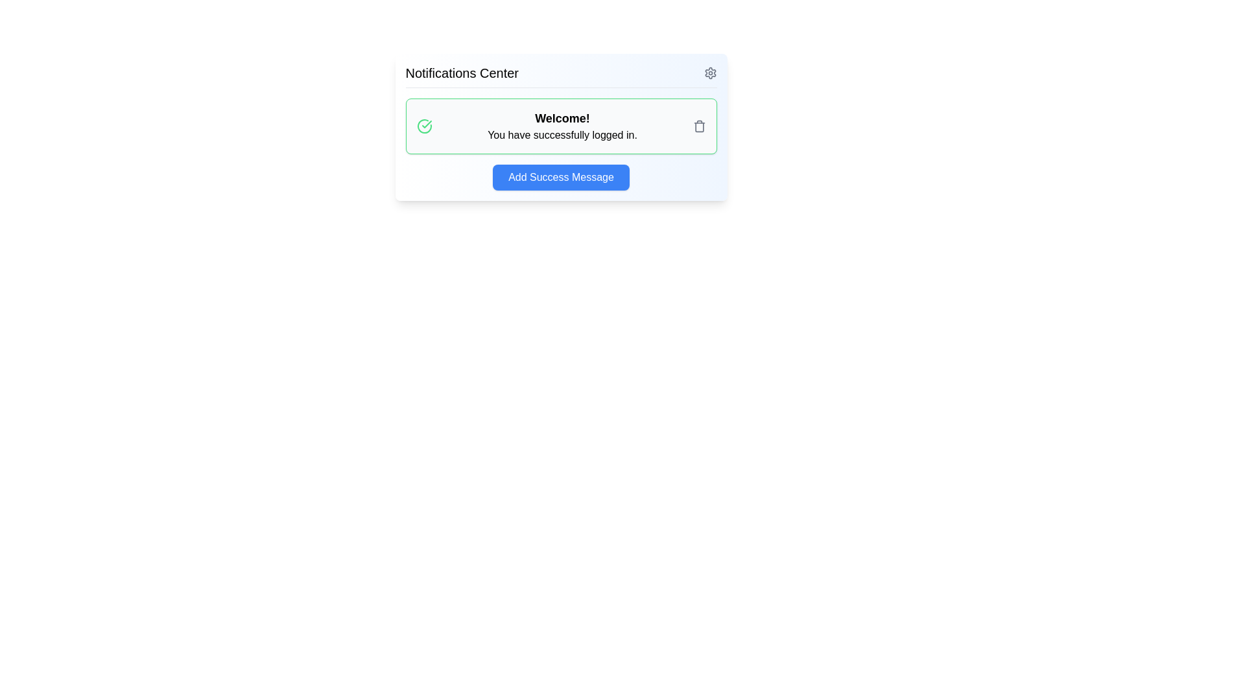 The image size is (1245, 700). Describe the element at coordinates (562, 118) in the screenshot. I see `the header text within the notification box that greets the user` at that location.